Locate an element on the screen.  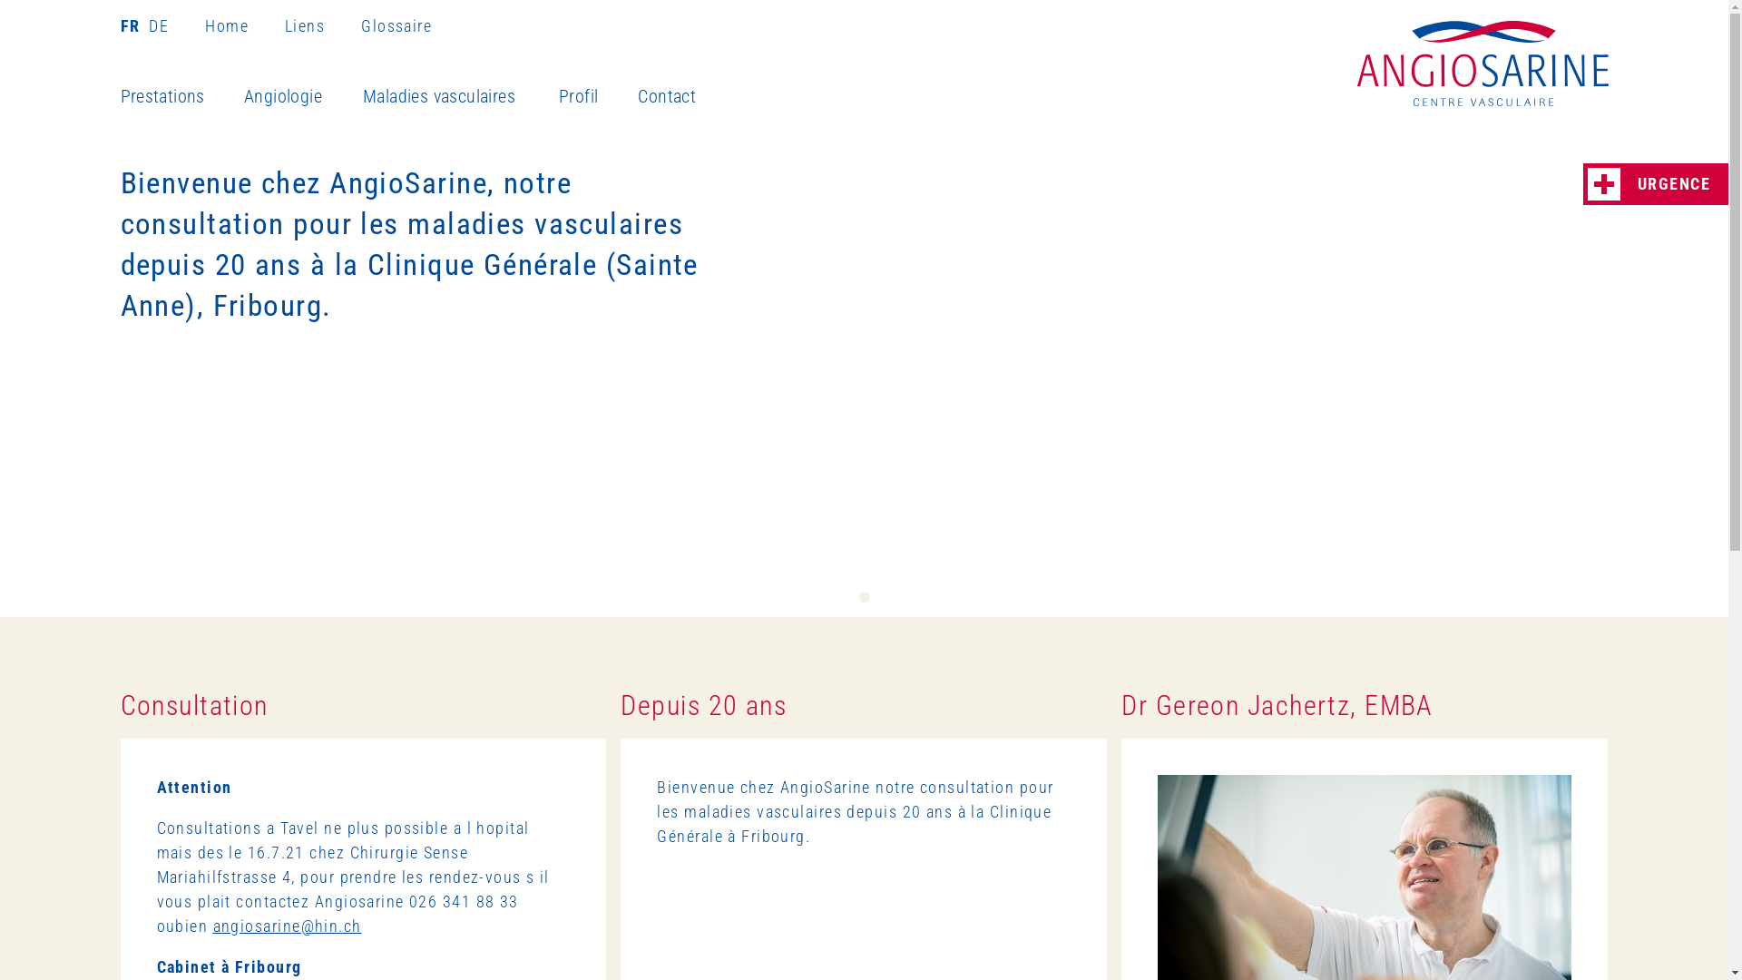
'Liens' is located at coordinates (322, 25).